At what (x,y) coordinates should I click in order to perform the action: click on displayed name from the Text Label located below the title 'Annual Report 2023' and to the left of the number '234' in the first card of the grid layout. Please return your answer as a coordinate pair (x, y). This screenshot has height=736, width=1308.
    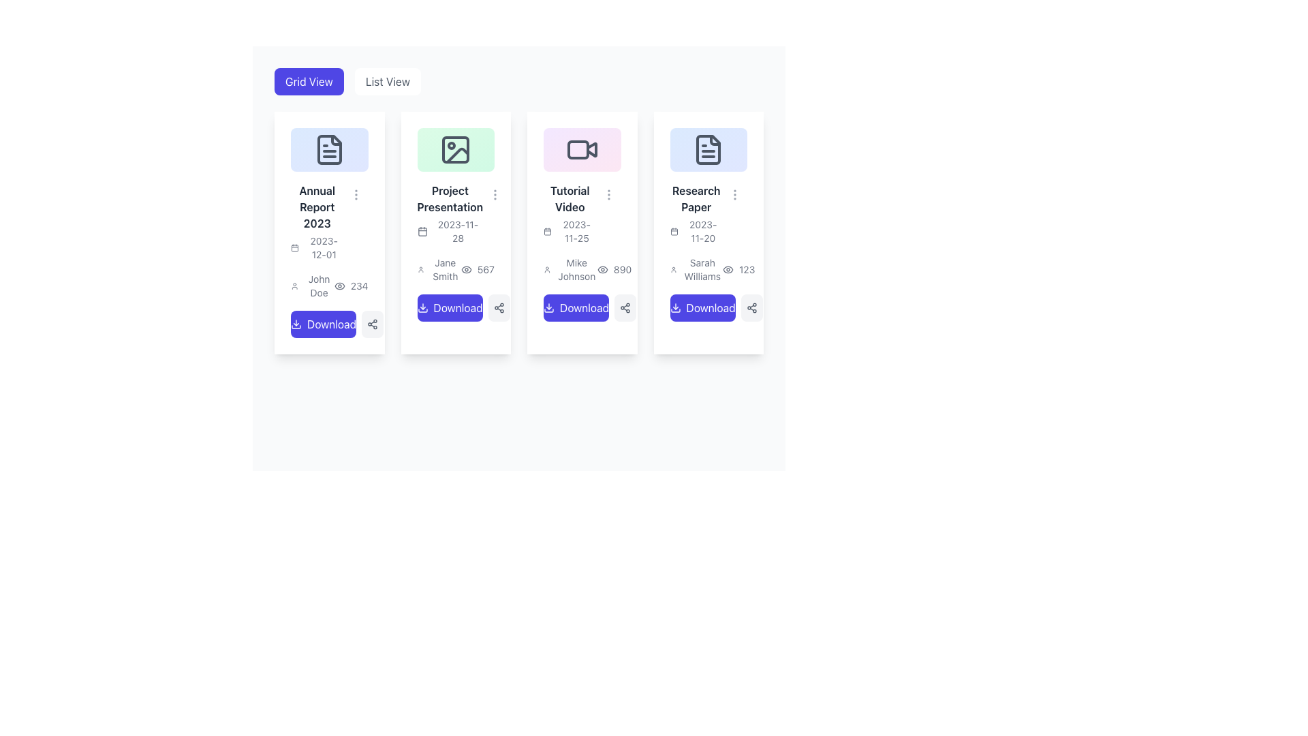
    Looking at the image, I should click on (311, 285).